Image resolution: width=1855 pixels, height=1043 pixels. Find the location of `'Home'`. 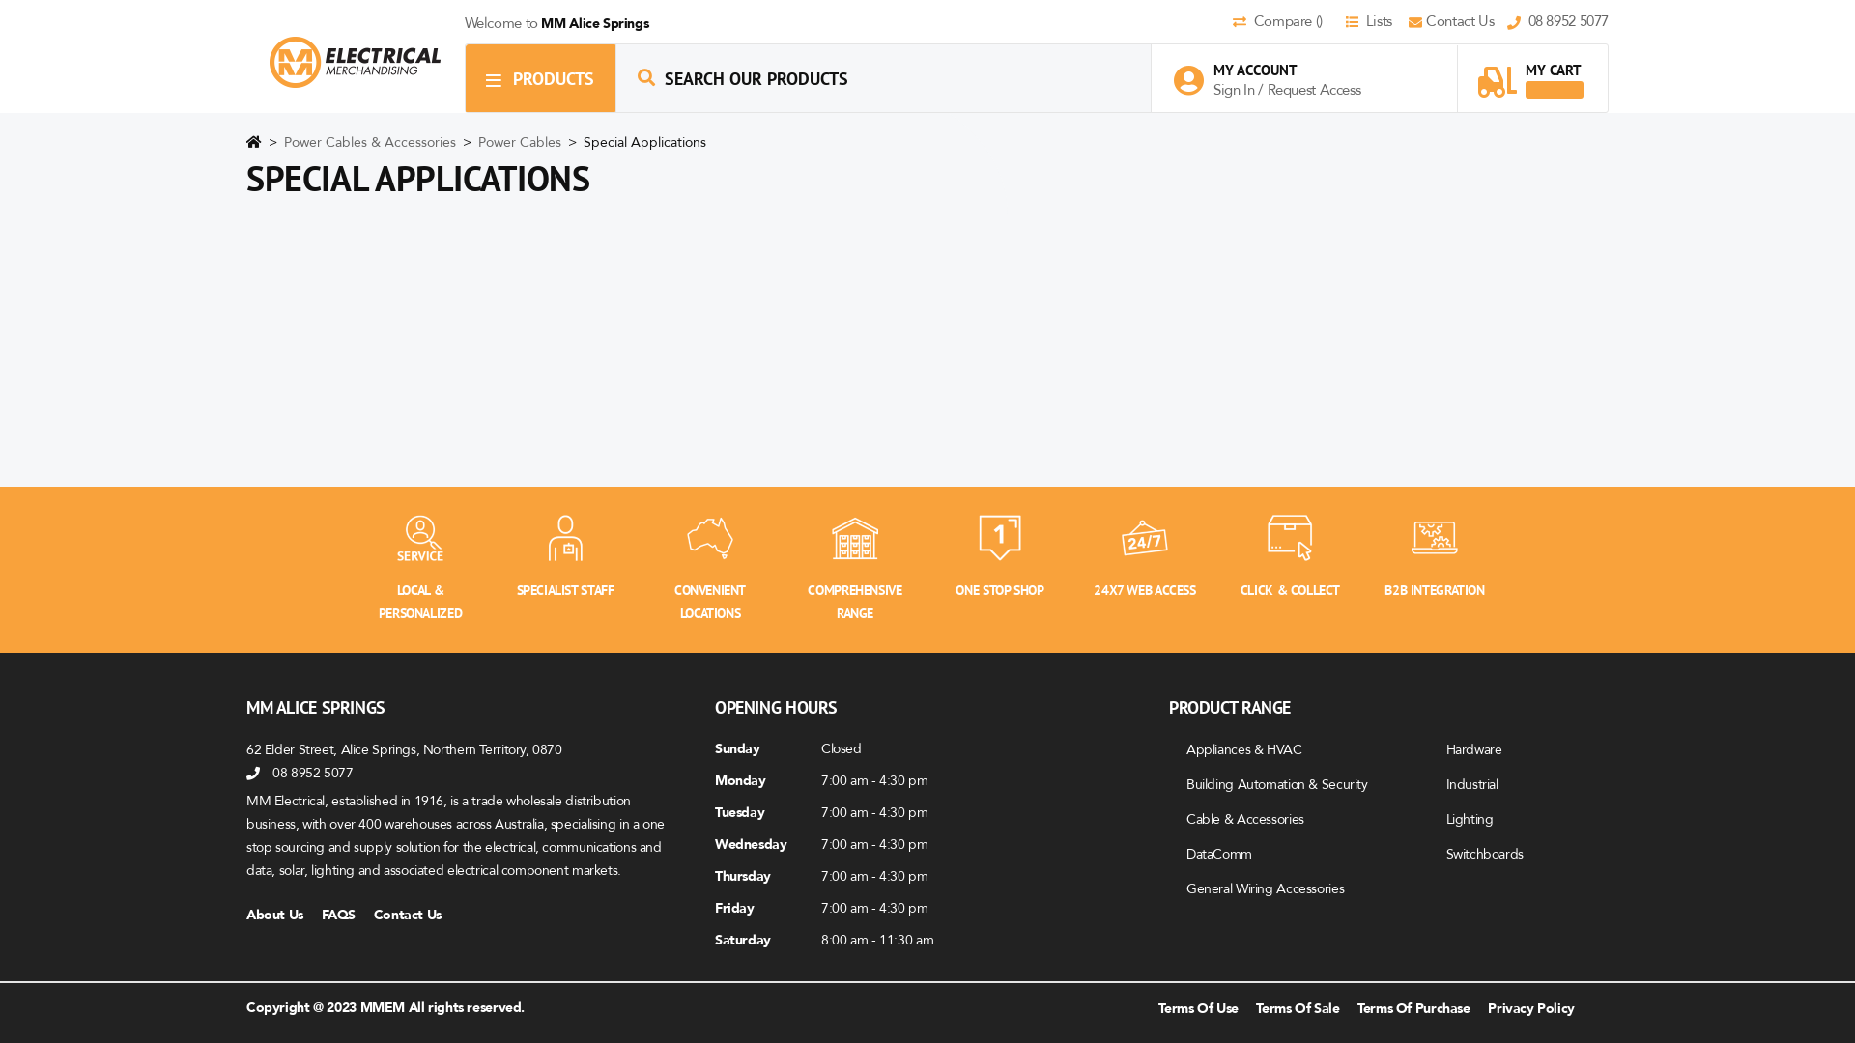

'Home' is located at coordinates (253, 145).